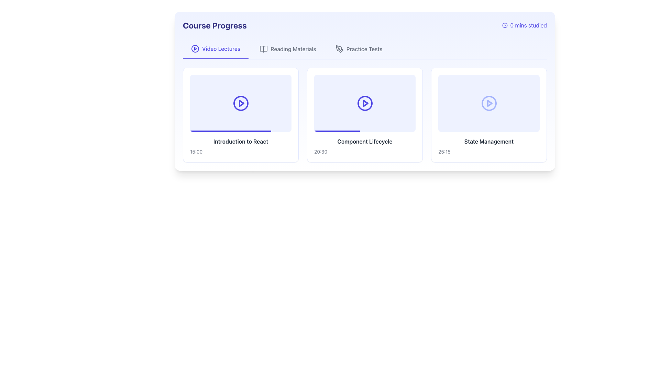  Describe the element at coordinates (488, 103) in the screenshot. I see `the circular play icon with a thin indigo outline and a triangular play symbol, located in the 'State Management' video card, to play the video` at that location.